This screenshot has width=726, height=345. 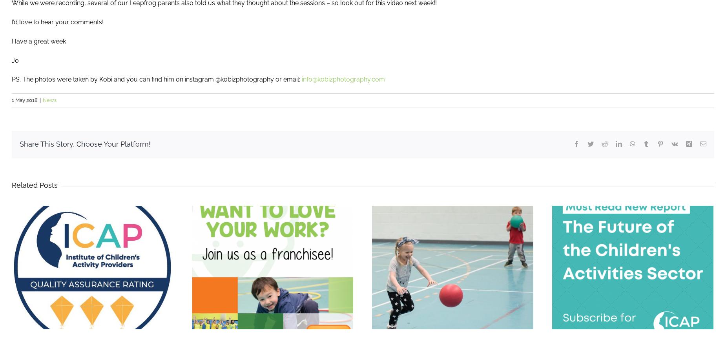 I want to click on 'PS. The photos were taken by Kobi and you can find him on instagram @kobizphotography or email:', so click(x=156, y=79).